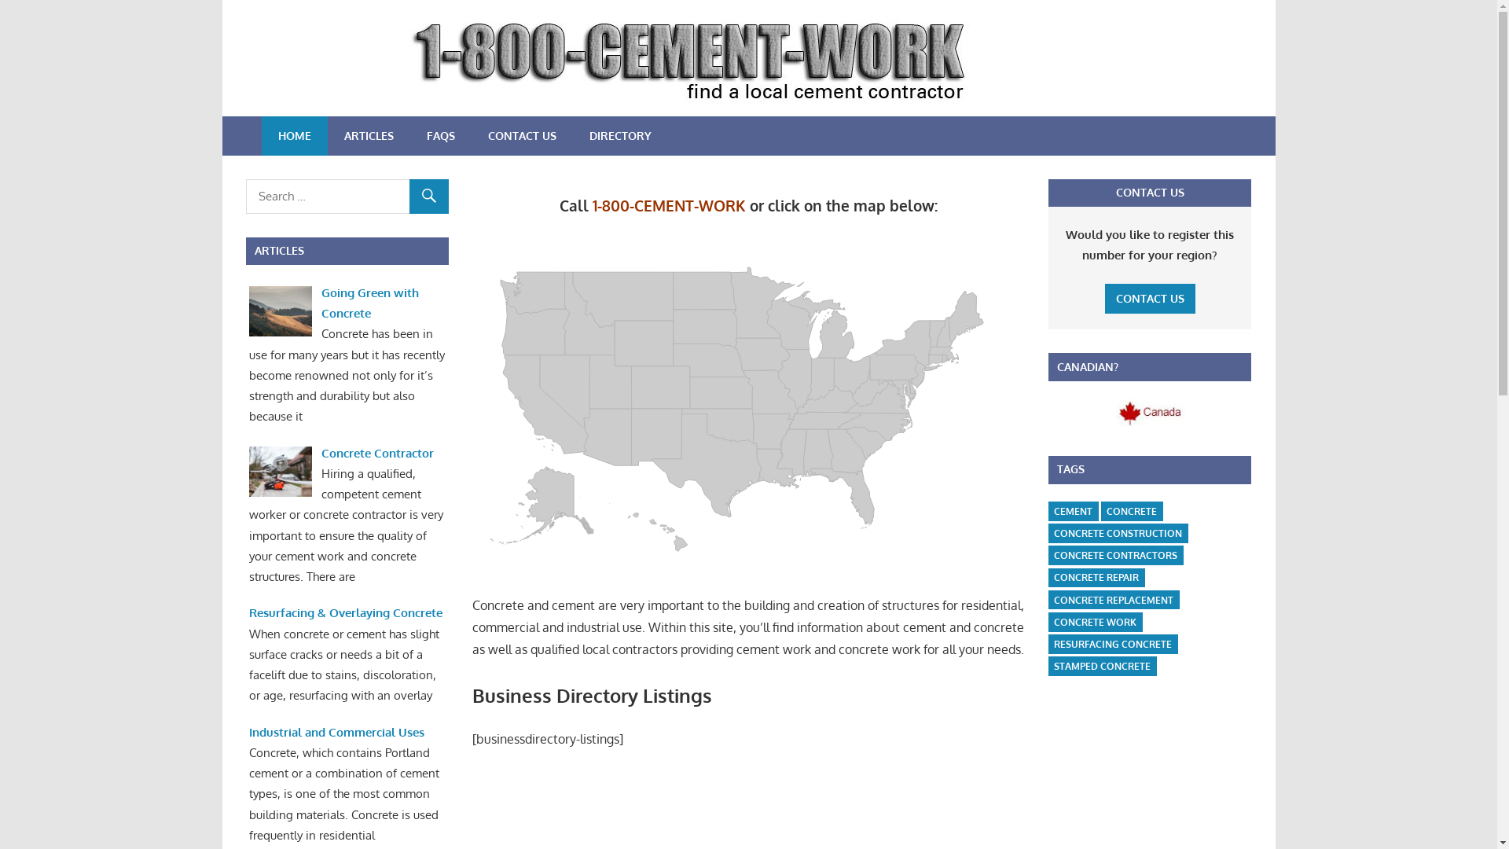  What do you see at coordinates (320, 453) in the screenshot?
I see `'Concrete Contractor'` at bounding box center [320, 453].